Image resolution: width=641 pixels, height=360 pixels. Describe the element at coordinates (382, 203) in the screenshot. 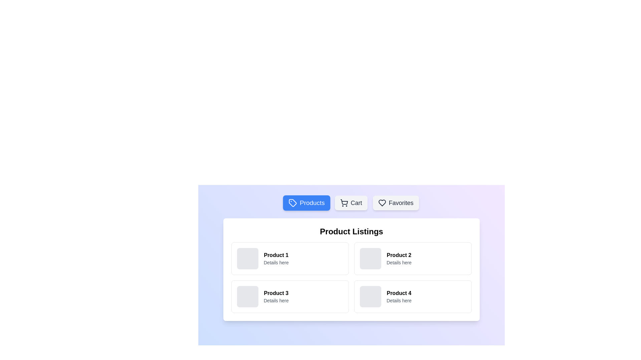

I see `the central part of the stylized heart icon in the favorites section` at that location.